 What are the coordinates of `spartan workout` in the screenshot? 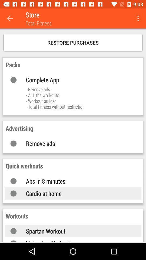 It's located at (78, 231).